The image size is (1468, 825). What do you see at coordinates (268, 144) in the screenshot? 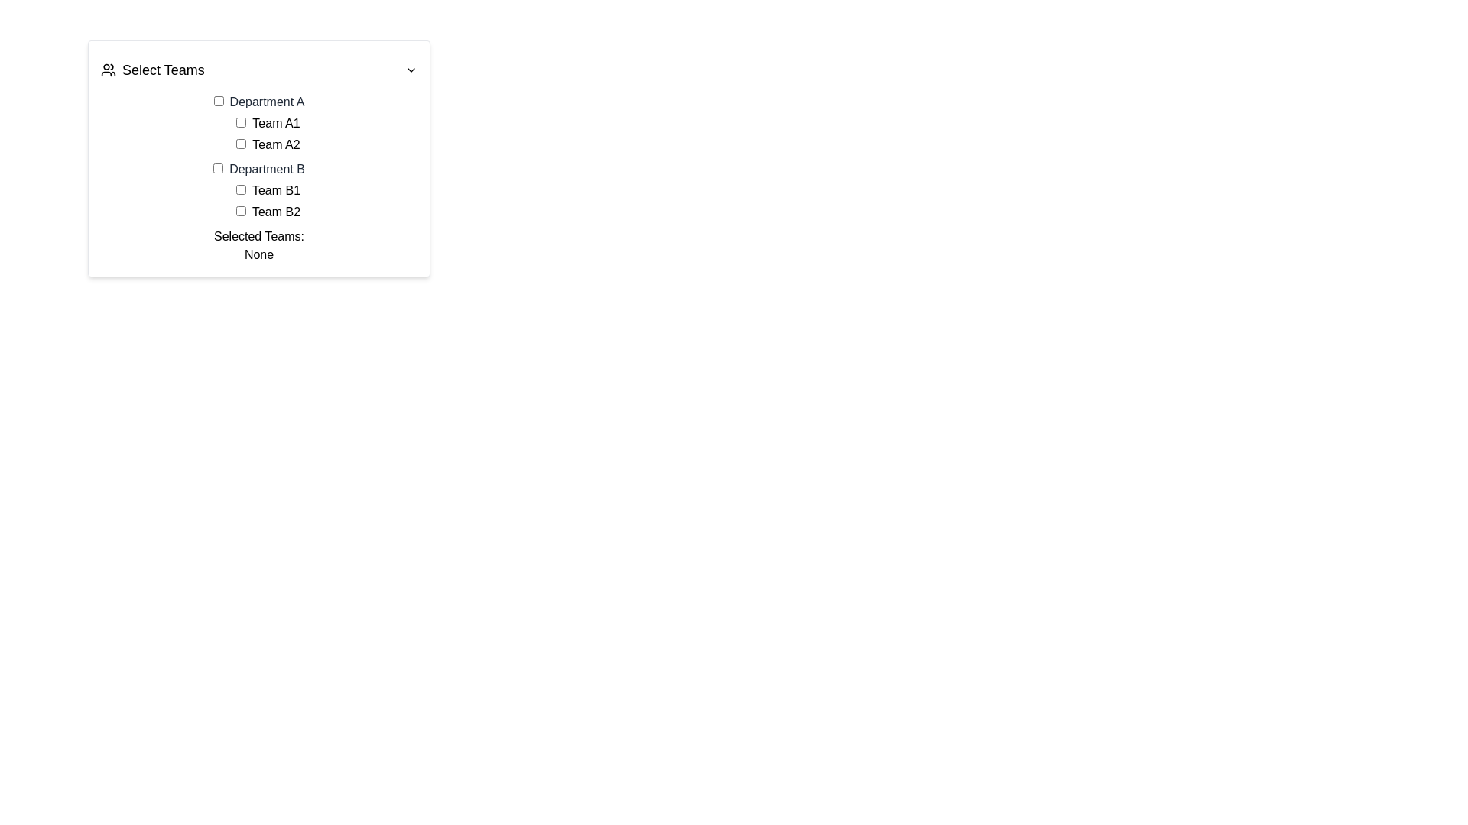
I see `the label 'Team A2' of the checkbox to possibly see additional information` at bounding box center [268, 144].